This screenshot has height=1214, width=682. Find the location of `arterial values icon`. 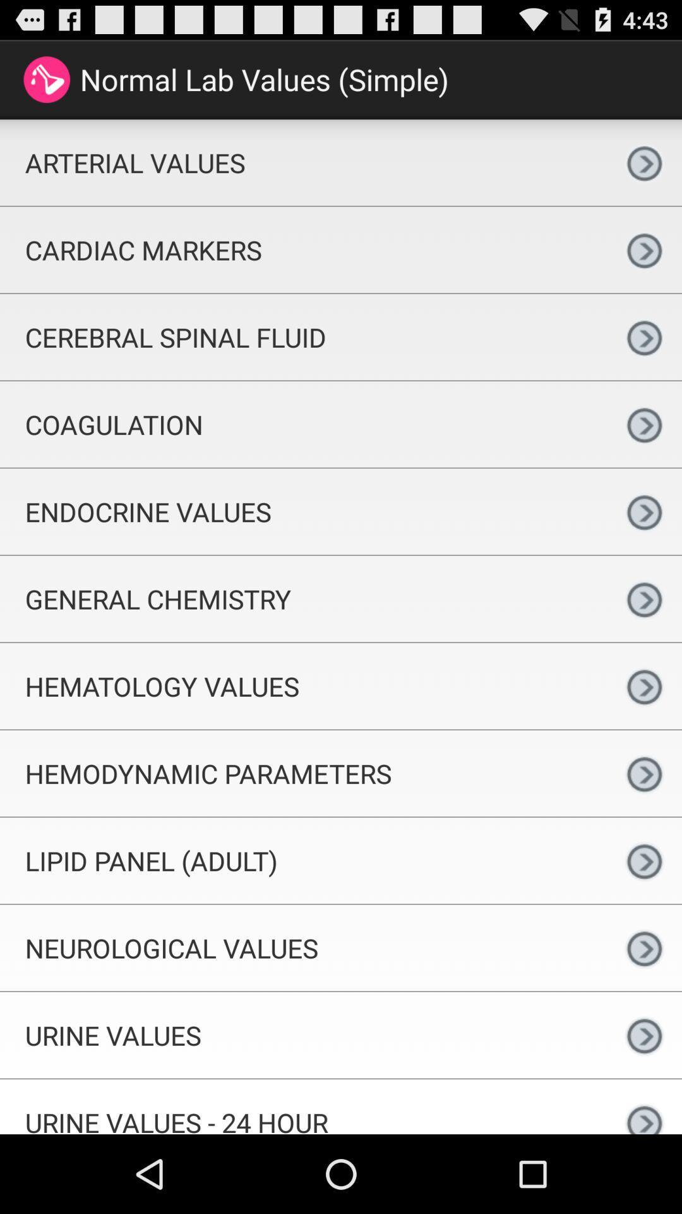

arterial values icon is located at coordinates (303, 162).